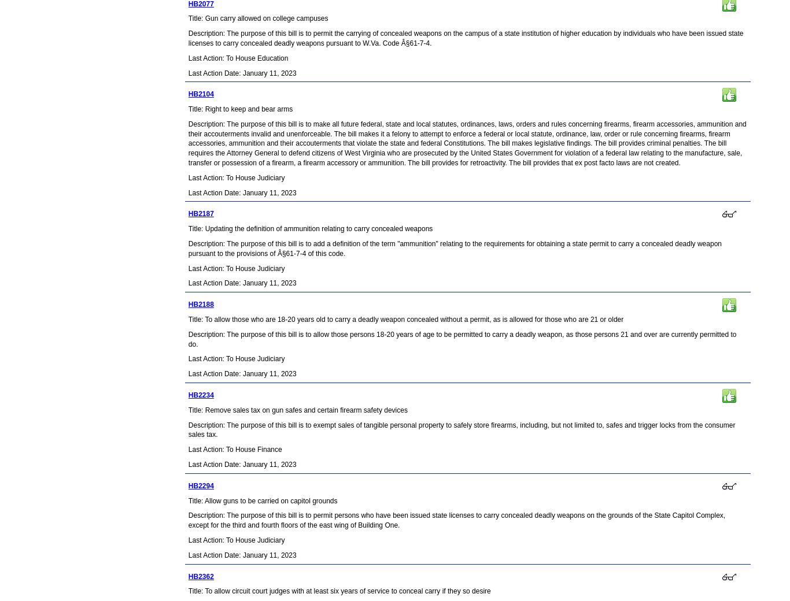 Image resolution: width=790 pixels, height=601 pixels. I want to click on 'Description: The purpose of this bill is to permit the carrying of concealed weapons on the campus of a state institution of higher education by individuals who have been issued state licenses to carry concealed deadly weapons pursuant to W.Va. Code Â§61-7-4.', so click(464, 38).